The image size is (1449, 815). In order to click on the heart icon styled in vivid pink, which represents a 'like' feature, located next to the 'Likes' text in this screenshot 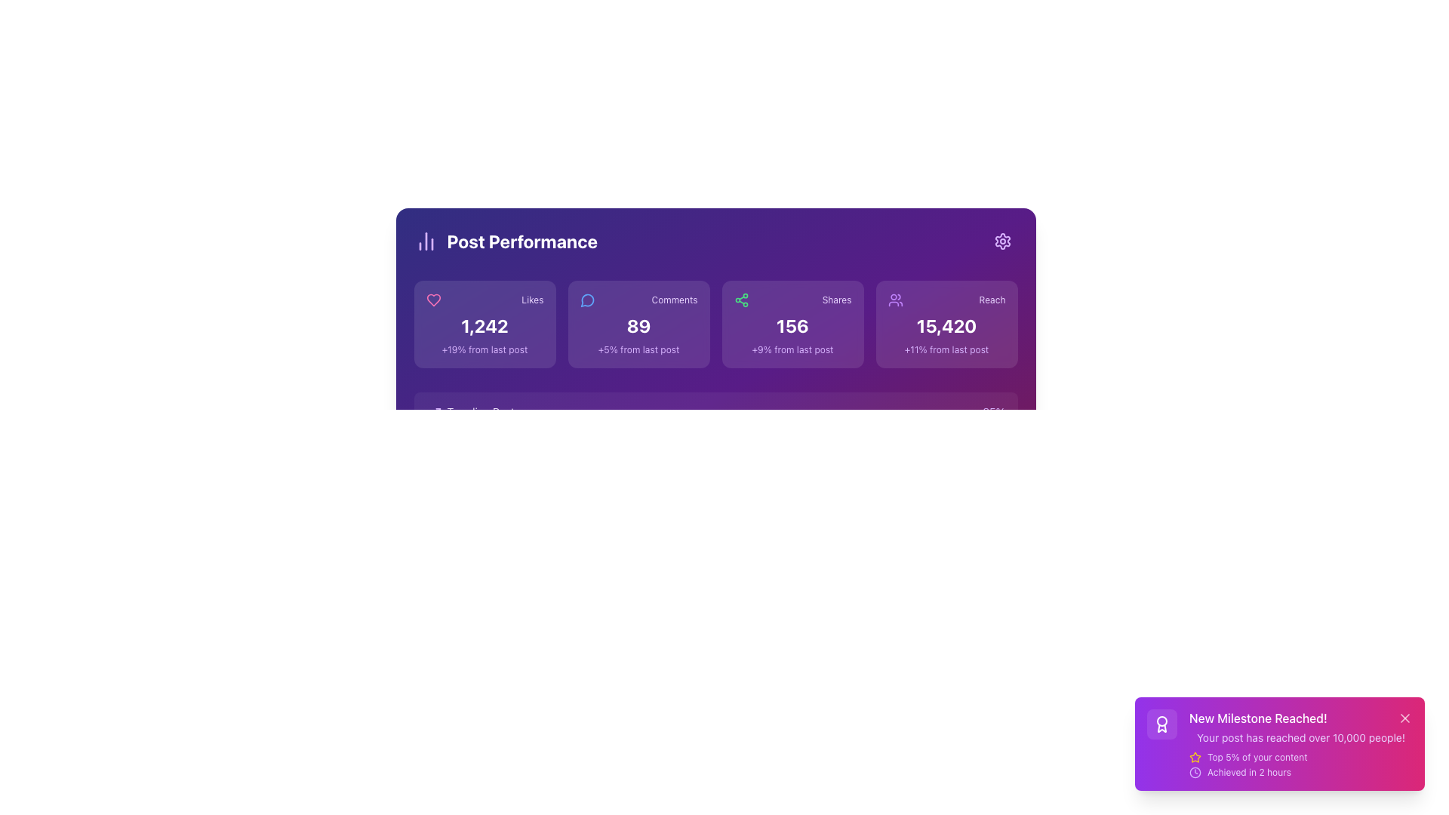, I will do `click(432, 300)`.